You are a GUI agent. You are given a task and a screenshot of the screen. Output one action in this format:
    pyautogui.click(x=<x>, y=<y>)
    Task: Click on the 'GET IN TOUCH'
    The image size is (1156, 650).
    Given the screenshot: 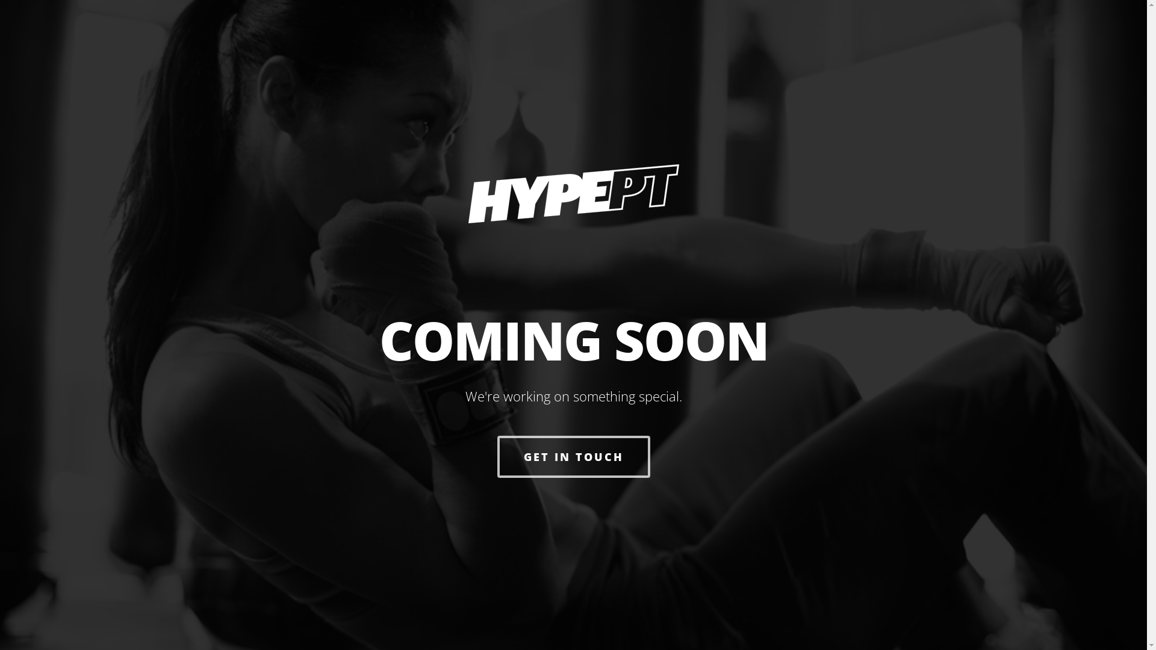 What is the action you would take?
    pyautogui.click(x=497, y=457)
    